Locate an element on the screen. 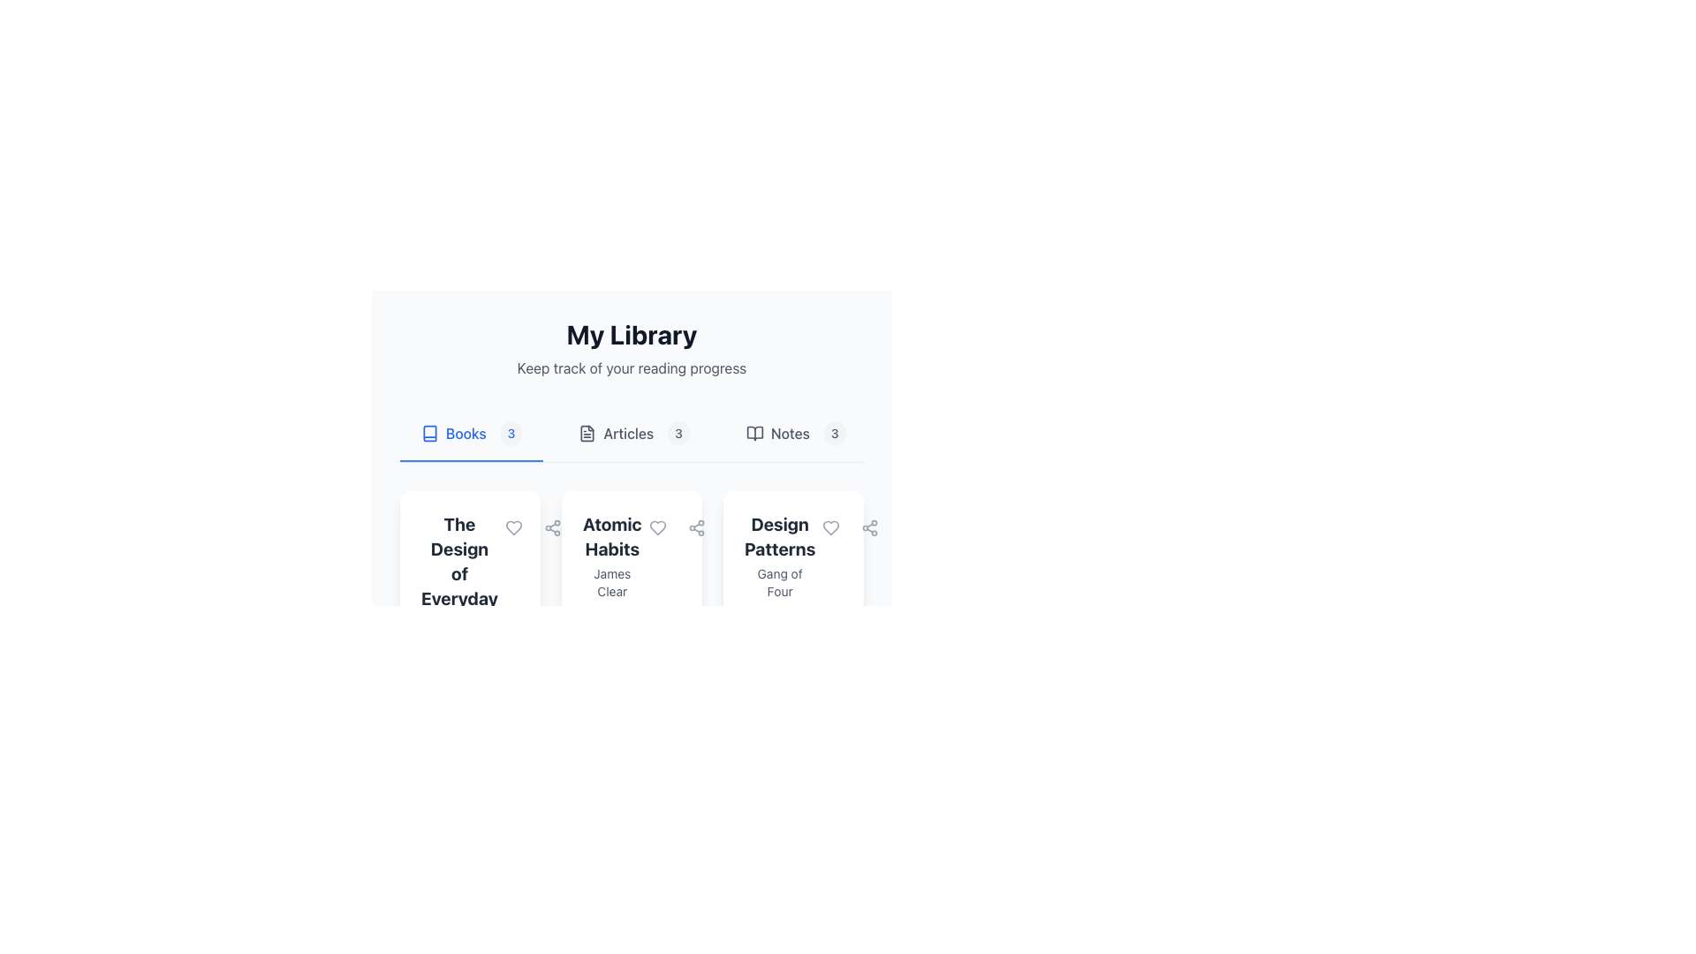 The height and width of the screenshot is (954, 1696). the interactive button or navigational tab for accessing the 'Books' section, which is the first item under 'My Library' is located at coordinates (472, 435).